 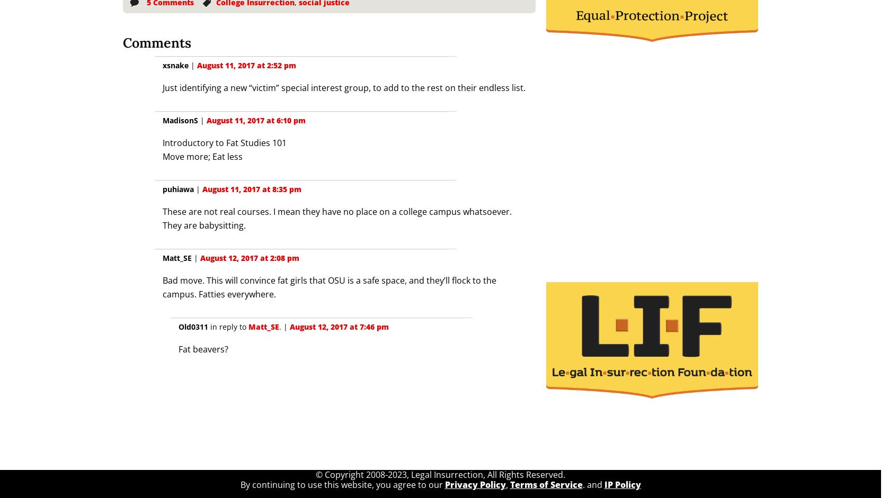 I want to click on 'IP Policy', so click(x=622, y=484).